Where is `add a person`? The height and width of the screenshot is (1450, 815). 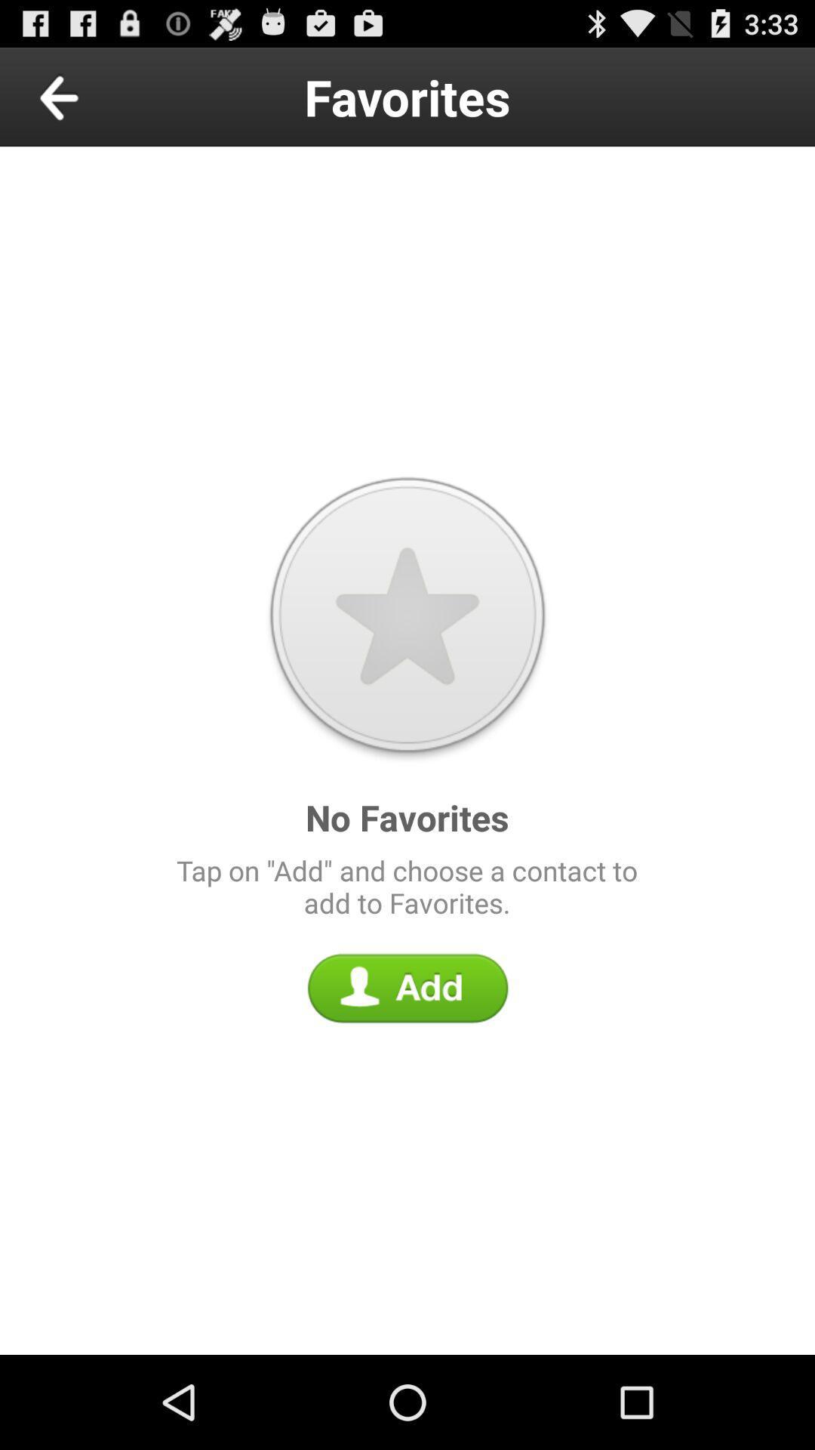
add a person is located at coordinates (407, 988).